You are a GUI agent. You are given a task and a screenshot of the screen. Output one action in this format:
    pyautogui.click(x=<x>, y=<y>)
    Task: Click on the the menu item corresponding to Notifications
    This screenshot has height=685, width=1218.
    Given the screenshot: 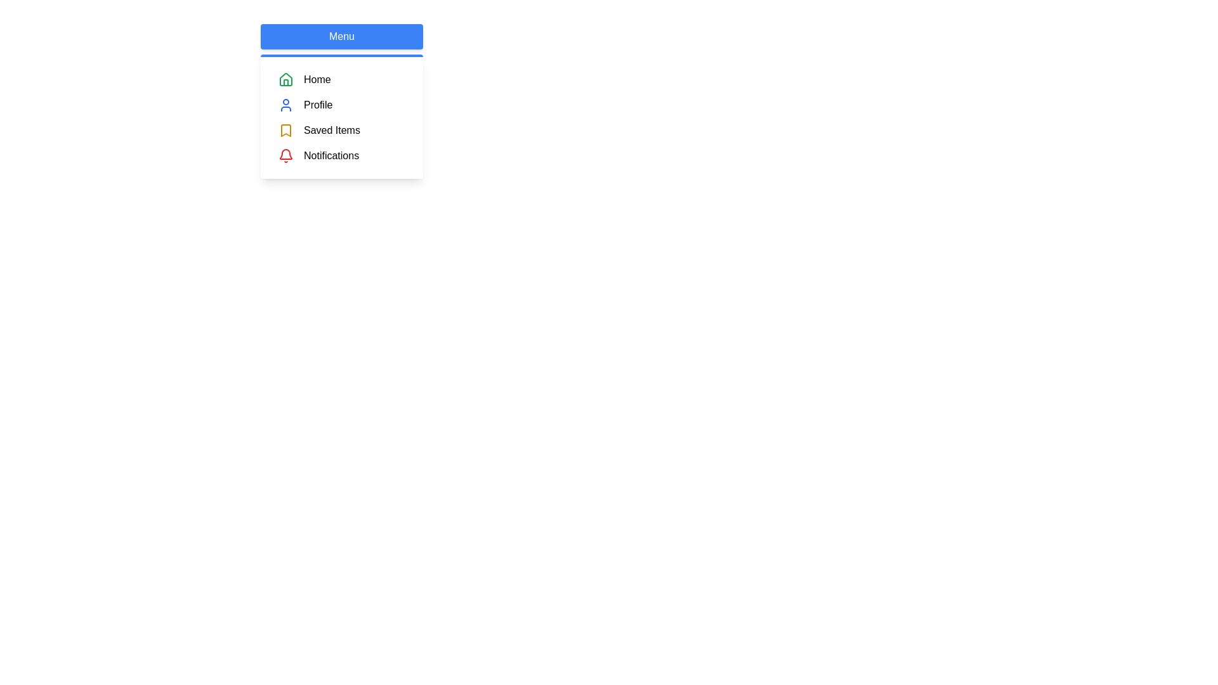 What is the action you would take?
    pyautogui.click(x=277, y=155)
    